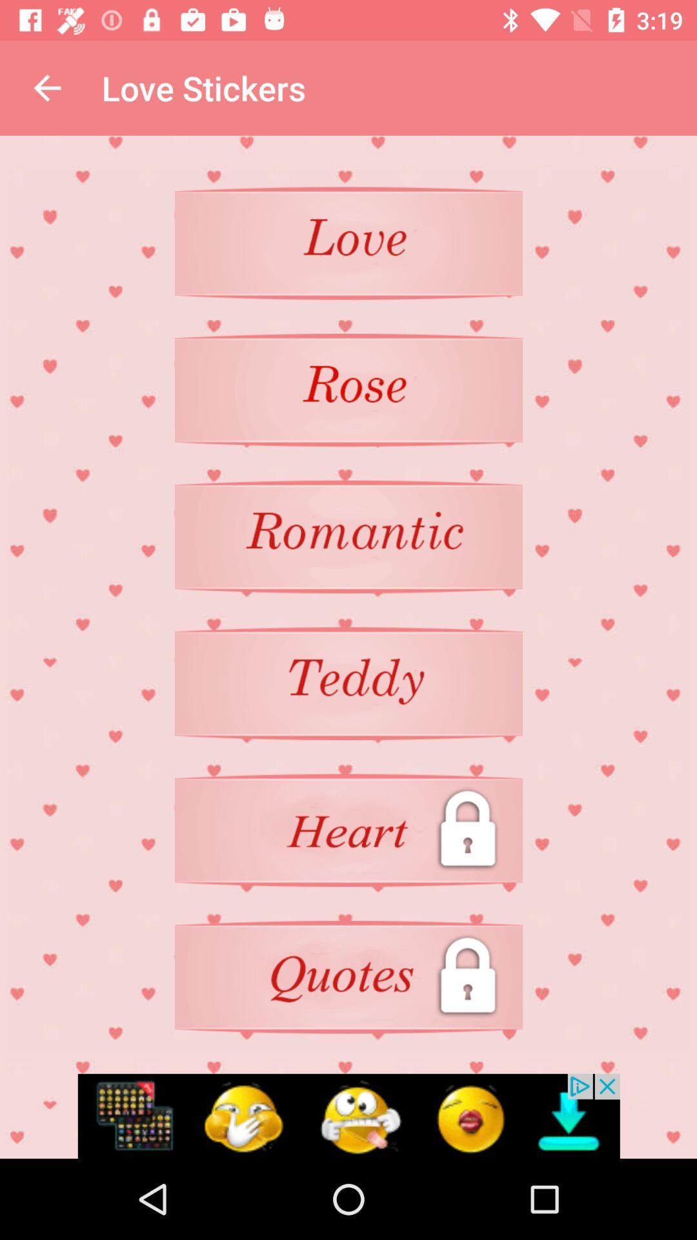 The image size is (697, 1240). What do you see at coordinates (348, 243) in the screenshot?
I see `stickers love` at bounding box center [348, 243].